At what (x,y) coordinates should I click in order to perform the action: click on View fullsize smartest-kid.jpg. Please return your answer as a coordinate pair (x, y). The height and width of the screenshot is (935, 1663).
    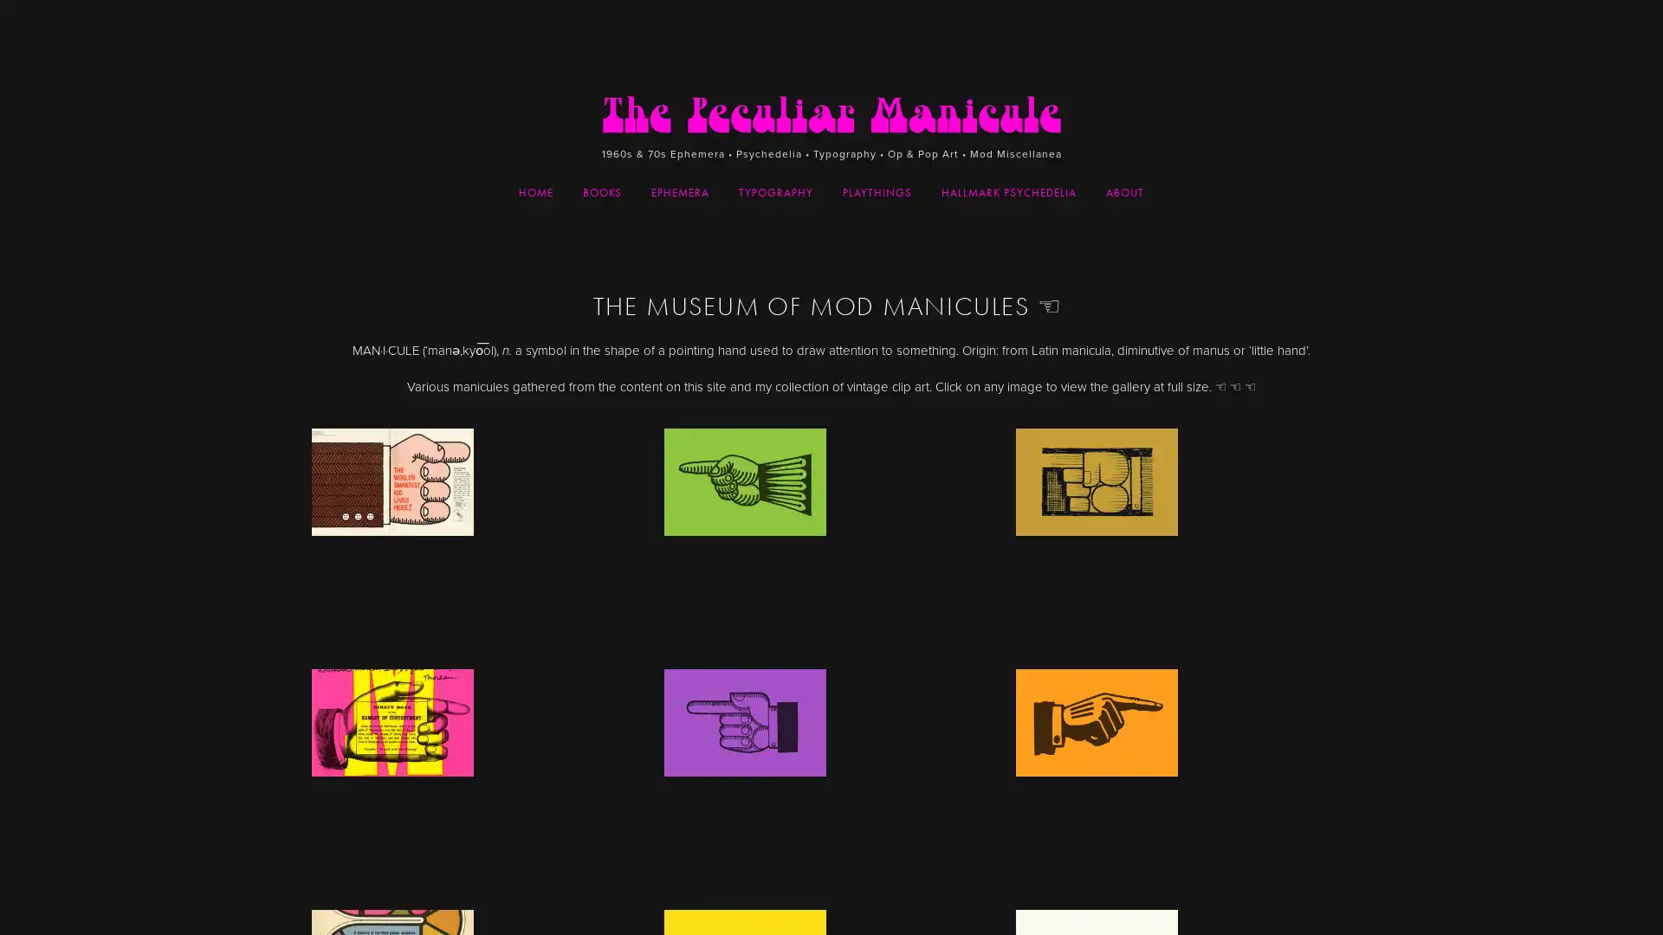
    Looking at the image, I should click on (478, 538).